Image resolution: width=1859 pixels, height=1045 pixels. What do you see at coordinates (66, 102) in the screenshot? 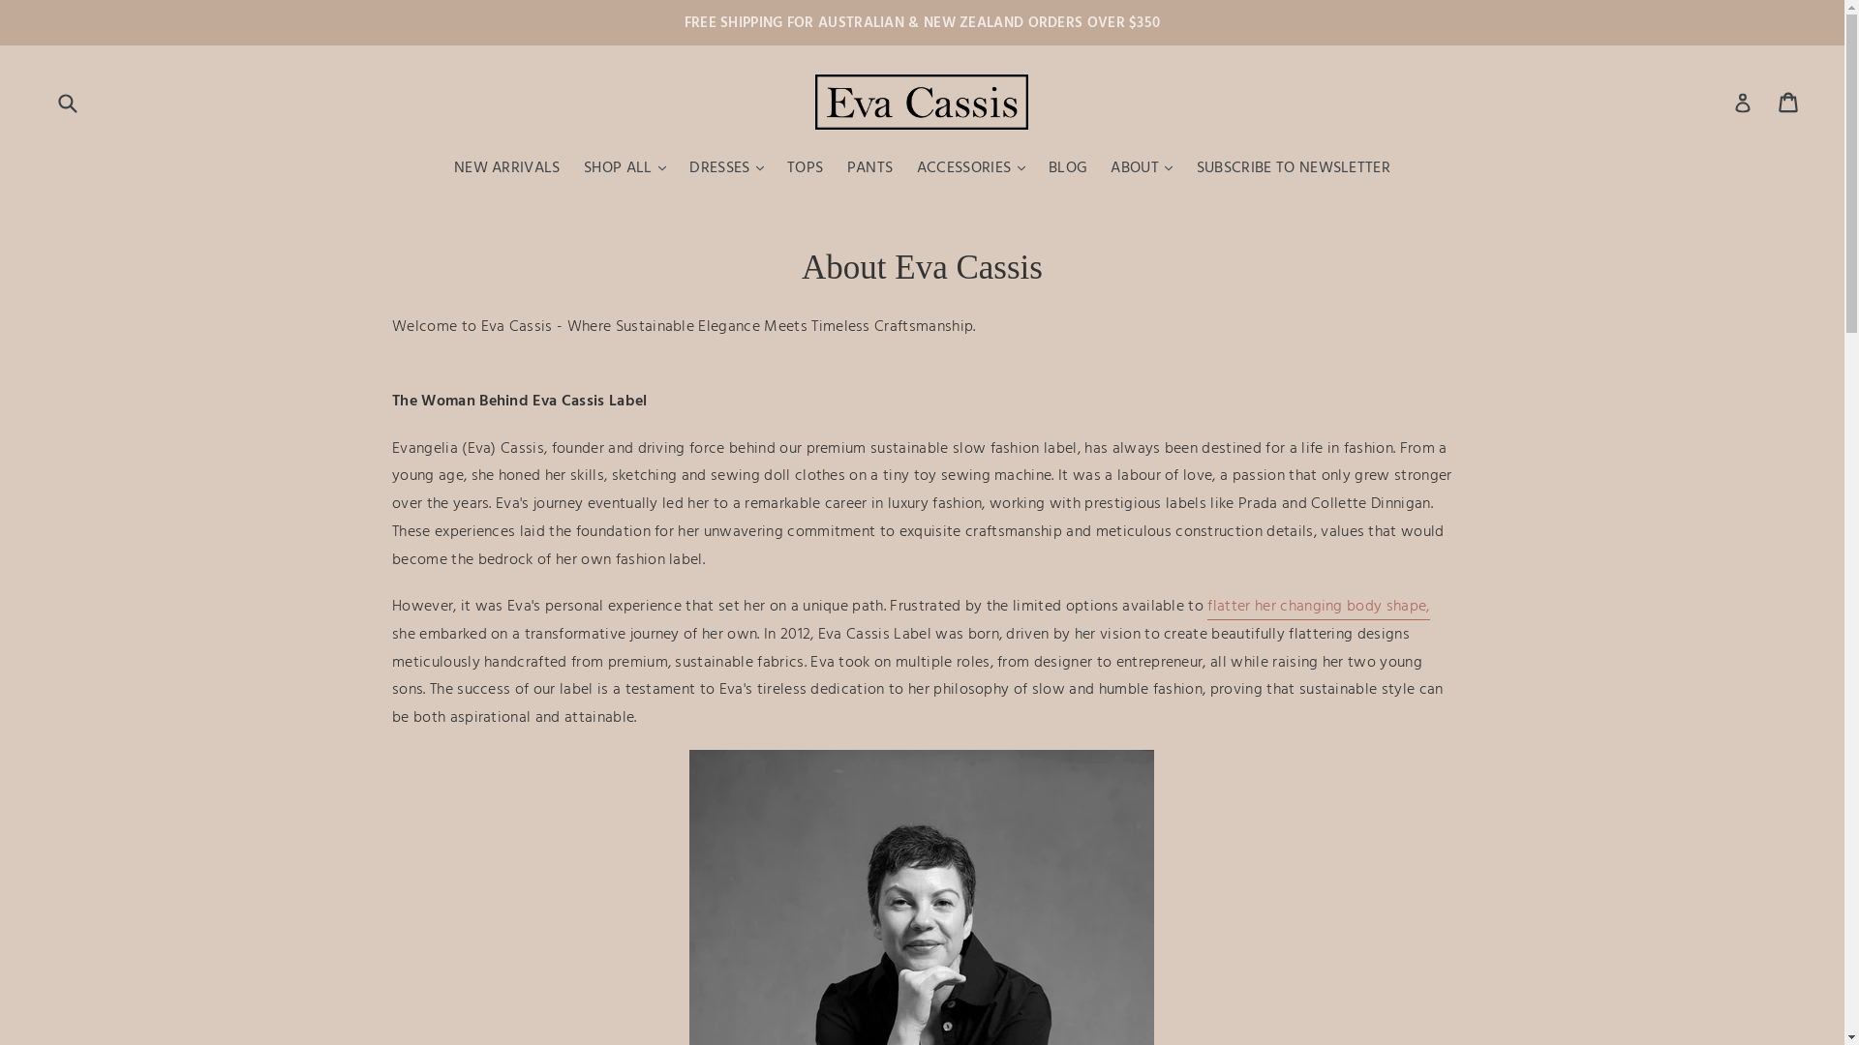
I see `'Submit'` at bounding box center [66, 102].